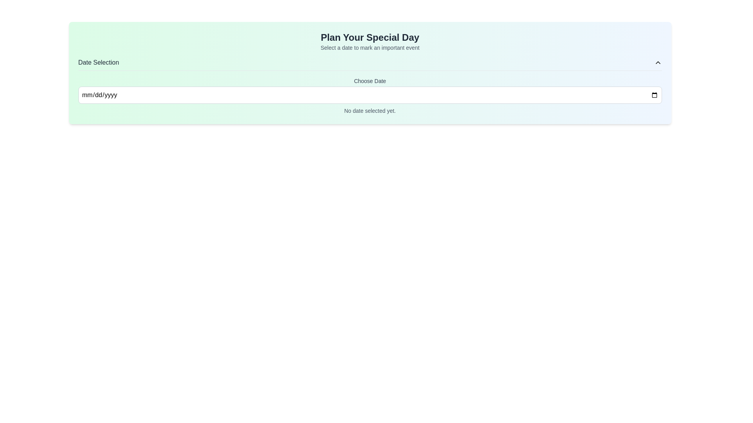 The width and height of the screenshot is (753, 423). What do you see at coordinates (369, 38) in the screenshot?
I see `text header titled 'Plan Your Special Day', which is prominently displayed in a bold font at the top of the section` at bounding box center [369, 38].